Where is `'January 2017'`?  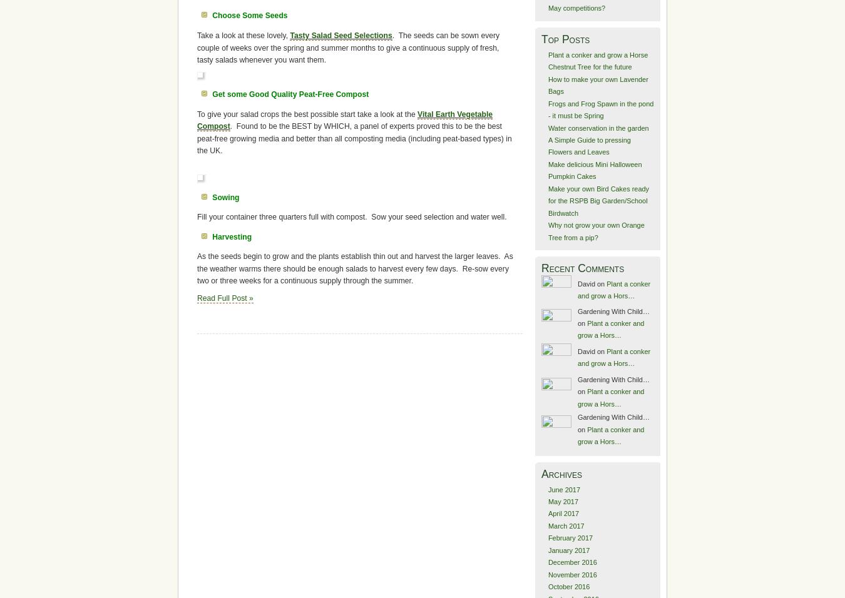 'January 2017' is located at coordinates (568, 550).